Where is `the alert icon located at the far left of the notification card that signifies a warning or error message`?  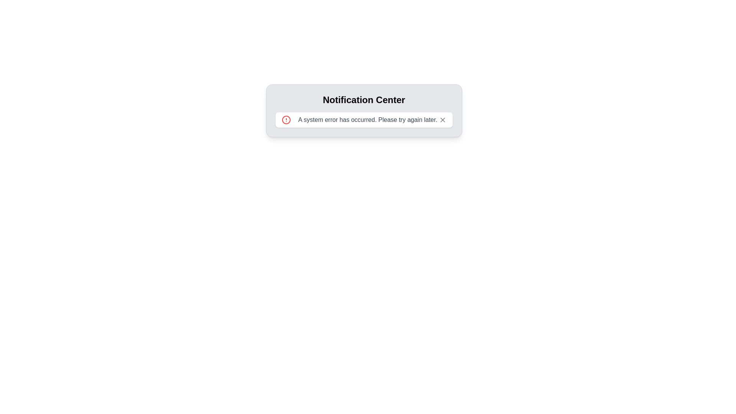 the alert icon located at the far left of the notification card that signifies a warning or error message is located at coordinates (286, 120).